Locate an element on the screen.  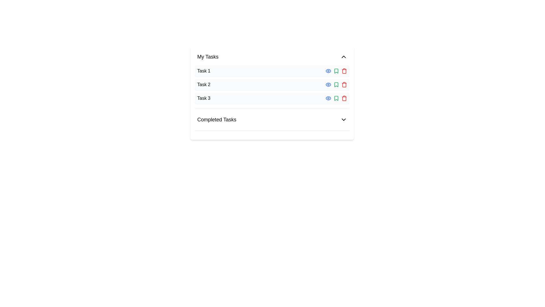
the eye-shaped blue icon in the 'Task 3' row is located at coordinates (328, 98).